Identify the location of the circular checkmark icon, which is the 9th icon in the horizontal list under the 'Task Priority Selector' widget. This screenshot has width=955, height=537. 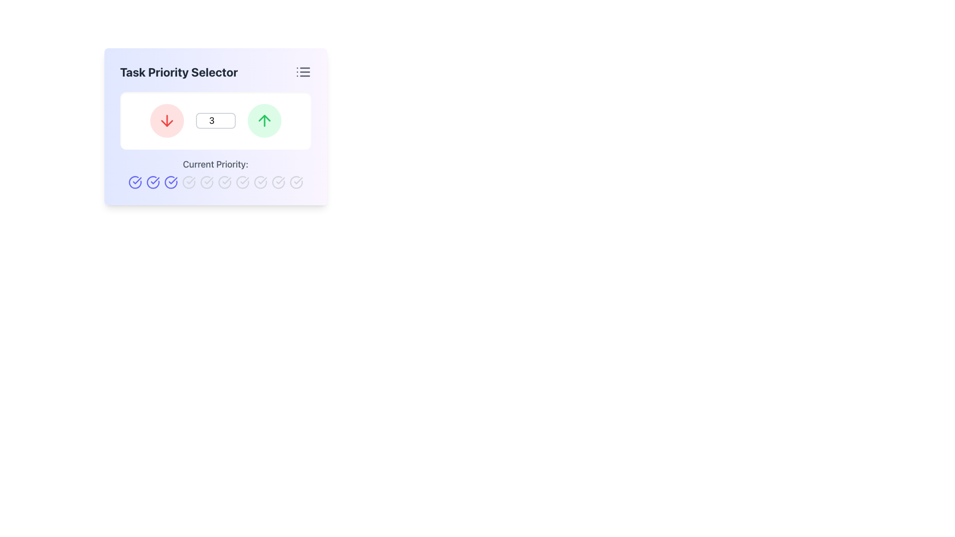
(295, 182).